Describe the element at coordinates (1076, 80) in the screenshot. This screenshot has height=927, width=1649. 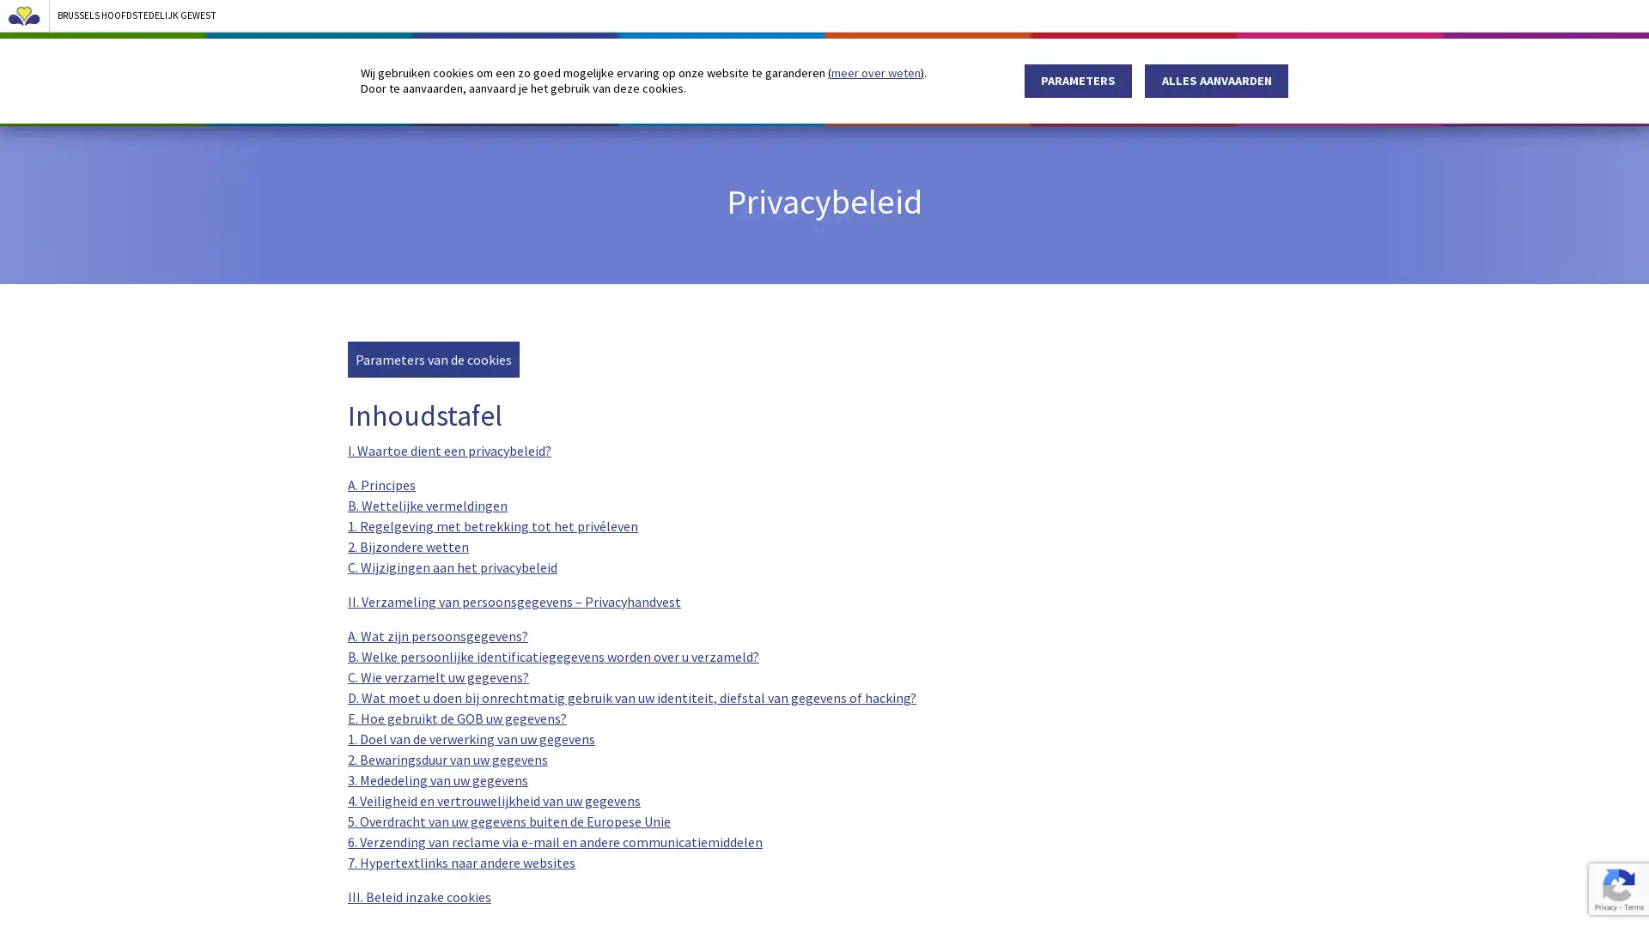
I see `PARAMETERS` at that location.